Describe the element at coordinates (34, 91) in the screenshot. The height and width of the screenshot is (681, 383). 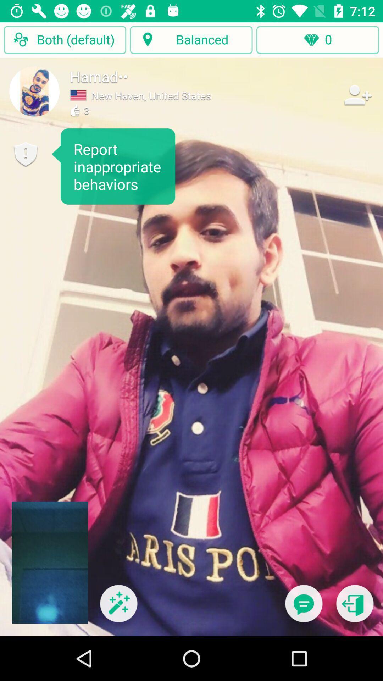
I see `profile picture` at that location.